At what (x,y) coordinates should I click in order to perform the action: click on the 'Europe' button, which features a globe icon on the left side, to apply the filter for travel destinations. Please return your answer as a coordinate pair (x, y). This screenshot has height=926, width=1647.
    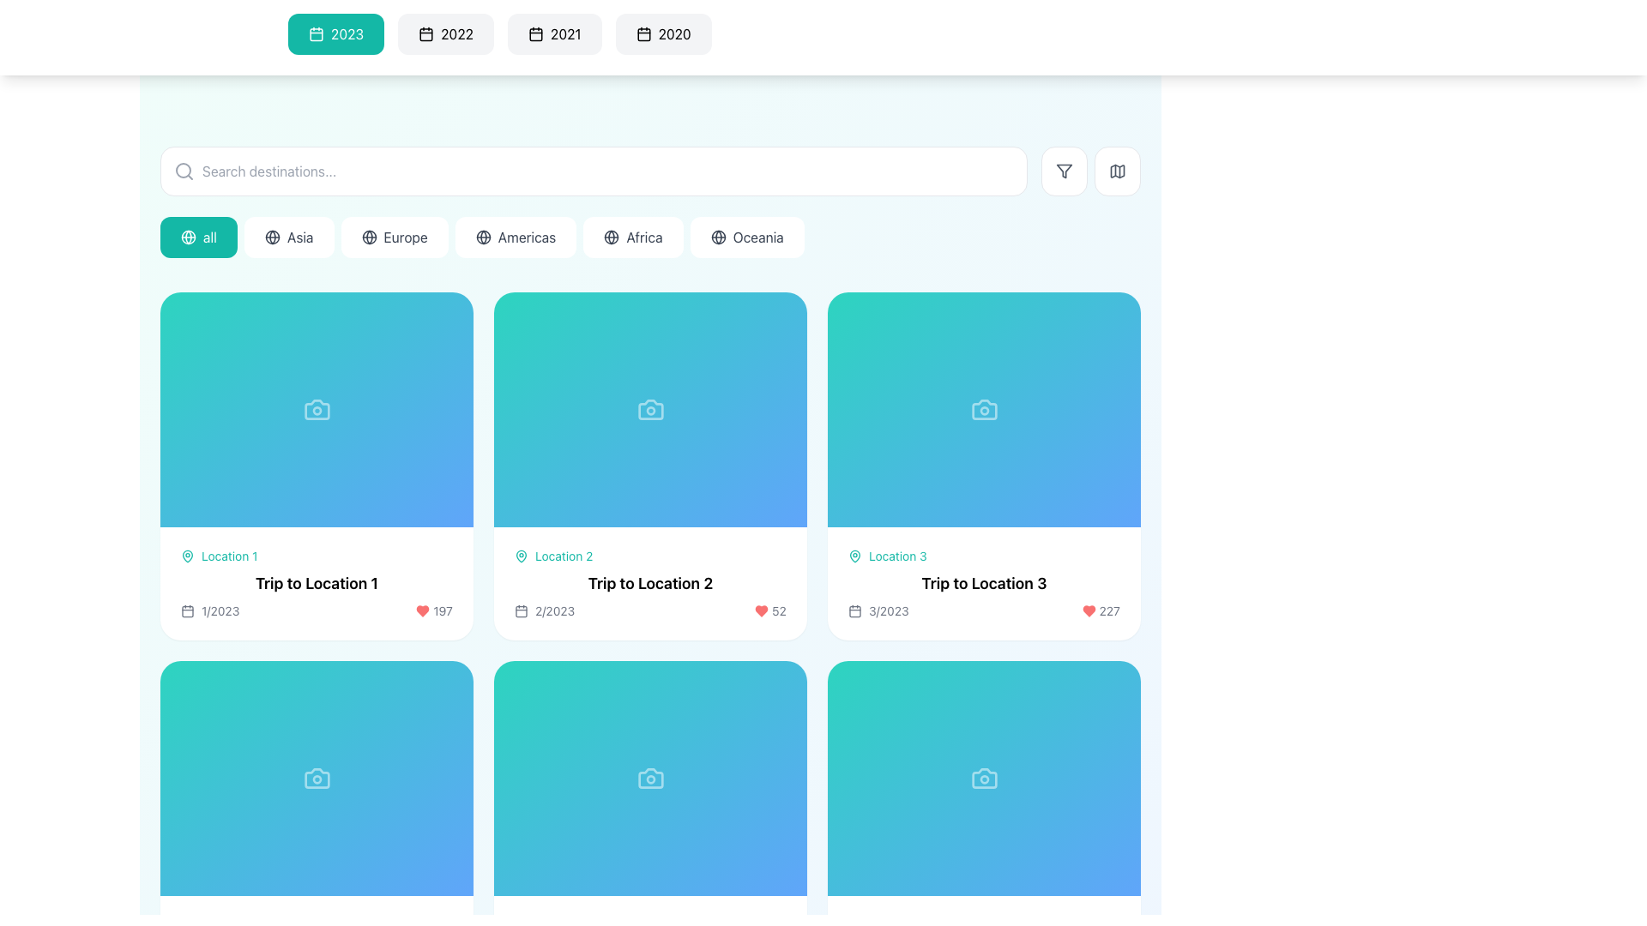
    Looking at the image, I should click on (368, 238).